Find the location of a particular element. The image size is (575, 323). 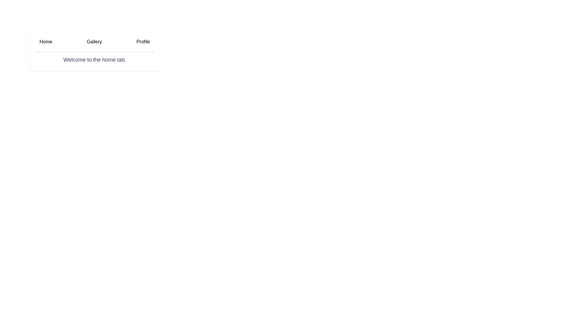

the Profile tab is located at coordinates (143, 43).